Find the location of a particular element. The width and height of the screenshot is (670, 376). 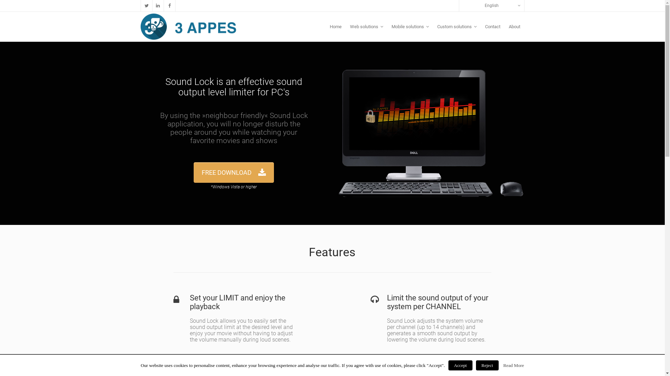

'Custom solutions' is located at coordinates (456, 26).